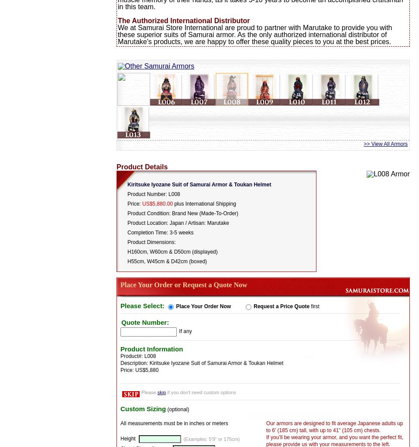 This screenshot has width=419, height=447. What do you see at coordinates (151, 348) in the screenshot?
I see `'Product Information'` at bounding box center [151, 348].